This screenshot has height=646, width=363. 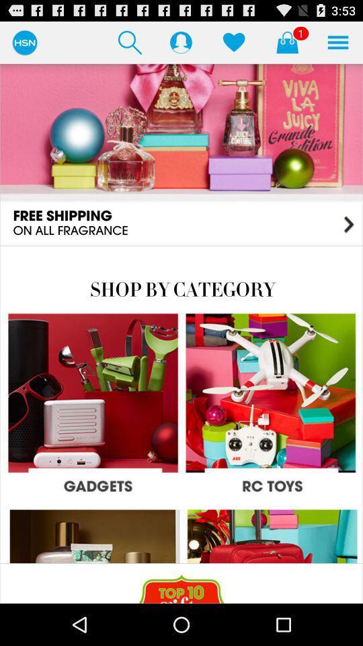 I want to click on open shopping cart, so click(x=286, y=42).